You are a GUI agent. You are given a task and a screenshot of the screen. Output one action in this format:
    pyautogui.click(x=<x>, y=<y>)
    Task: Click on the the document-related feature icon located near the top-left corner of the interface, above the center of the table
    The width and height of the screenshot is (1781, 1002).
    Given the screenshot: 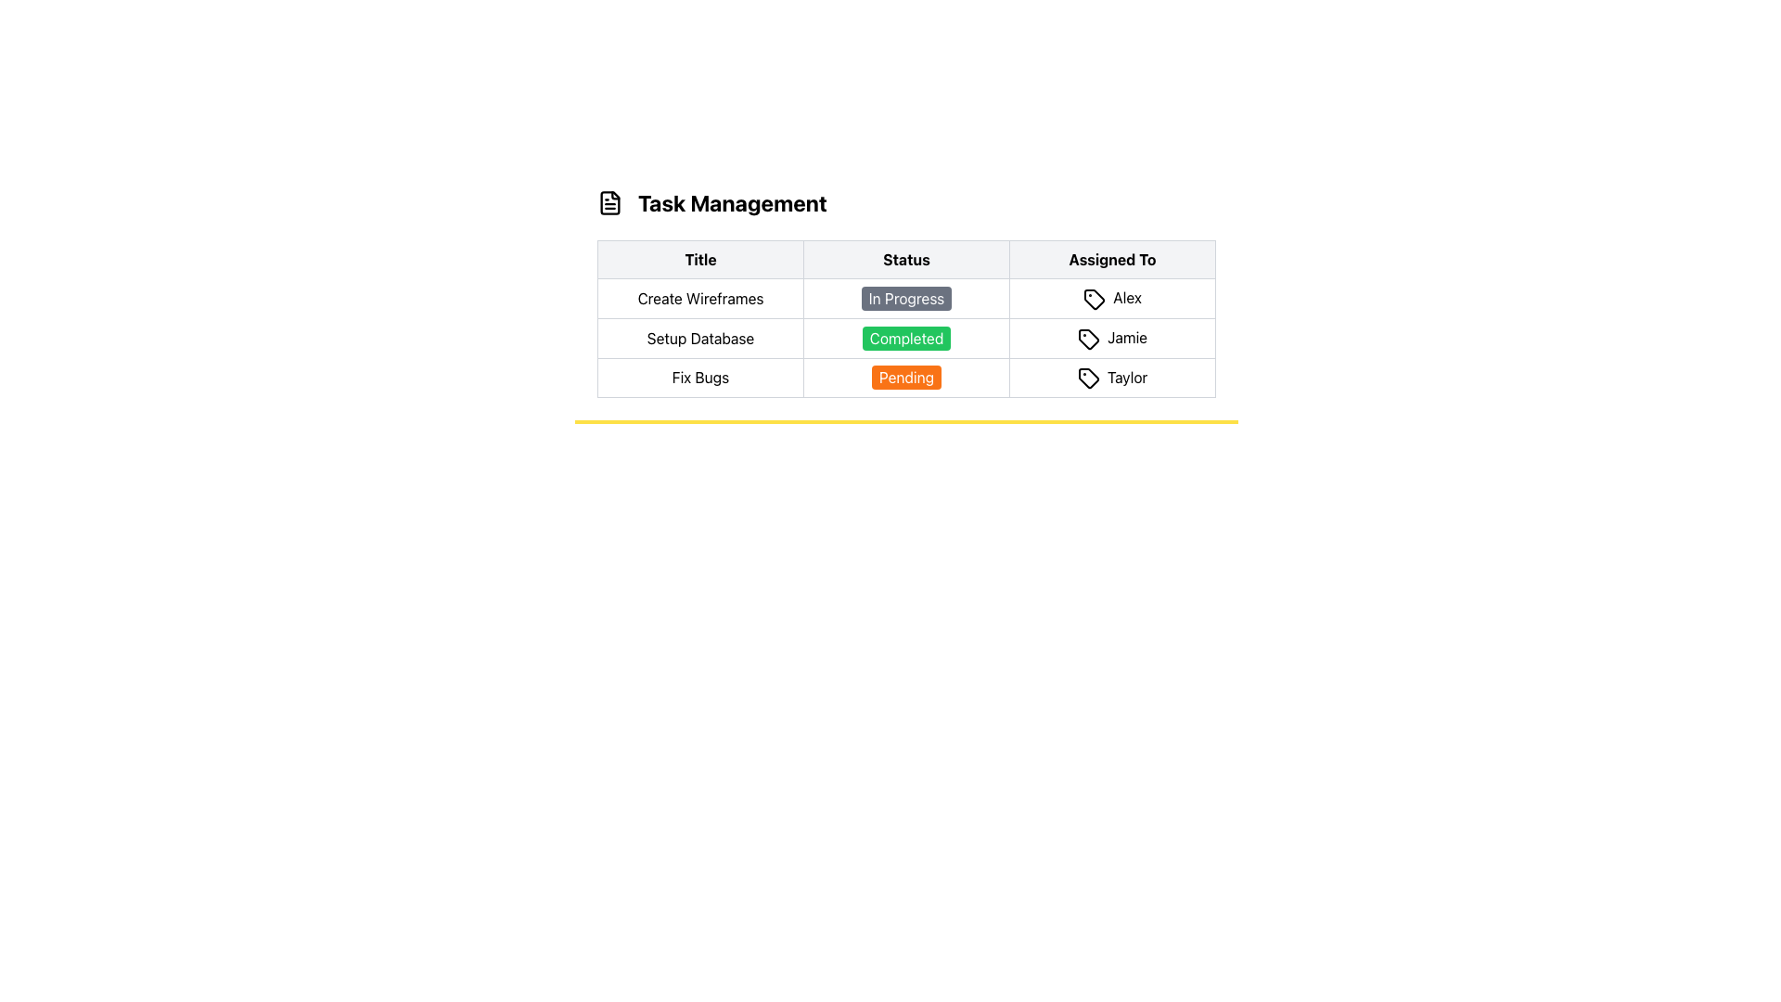 What is the action you would take?
    pyautogui.click(x=609, y=203)
    